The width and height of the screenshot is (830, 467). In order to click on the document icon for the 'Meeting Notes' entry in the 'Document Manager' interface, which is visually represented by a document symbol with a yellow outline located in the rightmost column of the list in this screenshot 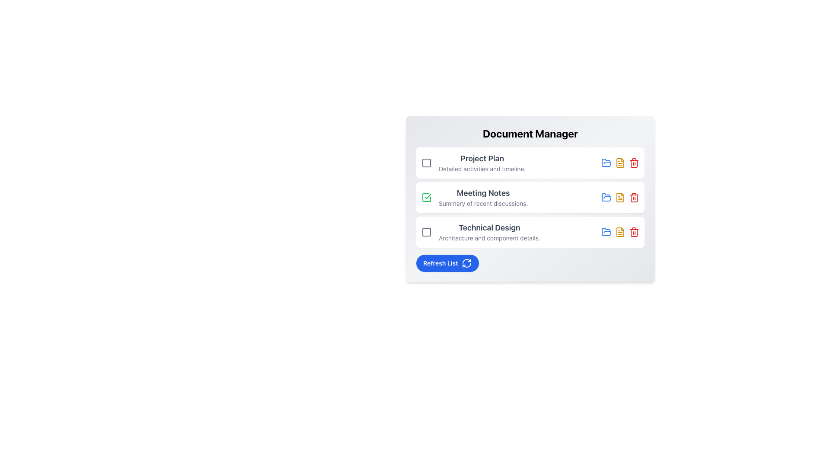, I will do `click(620, 231)`.